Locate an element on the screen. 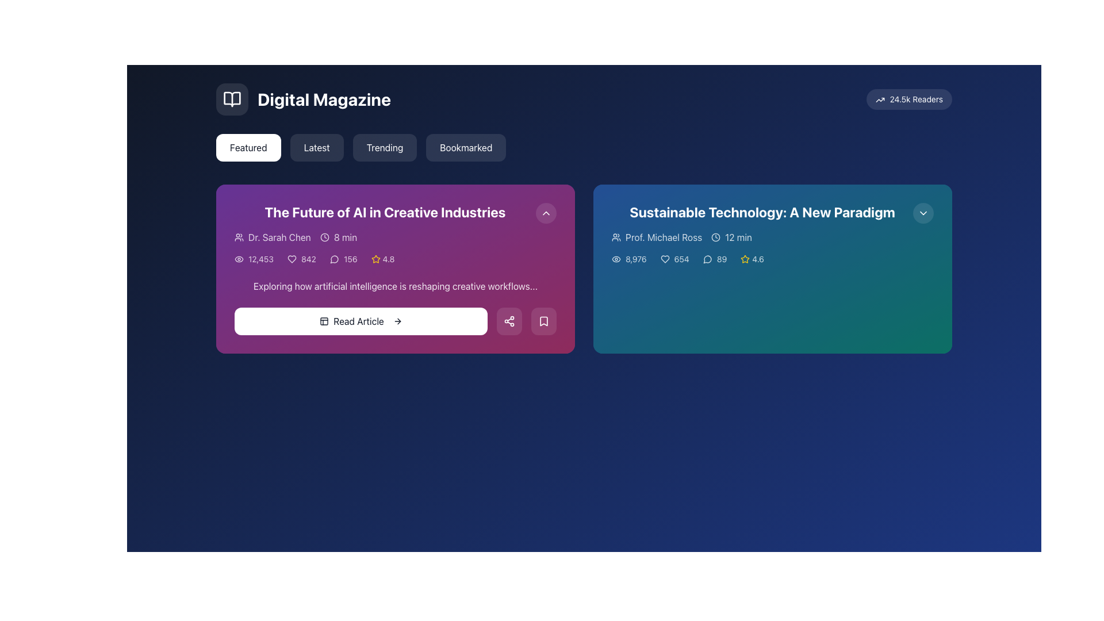  the circular icon styled with the 'lucide-message-circle' class, representing a message or chat bubble, located next to the text '156' under the card titled 'The Future of AI in Creative Industries' is located at coordinates (333, 259).